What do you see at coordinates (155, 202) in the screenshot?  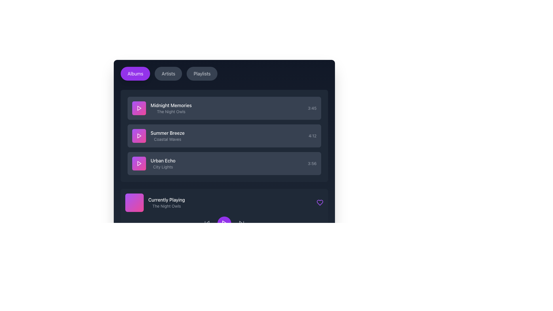 I see `the informational display block at the bottom of the music application interface` at bounding box center [155, 202].